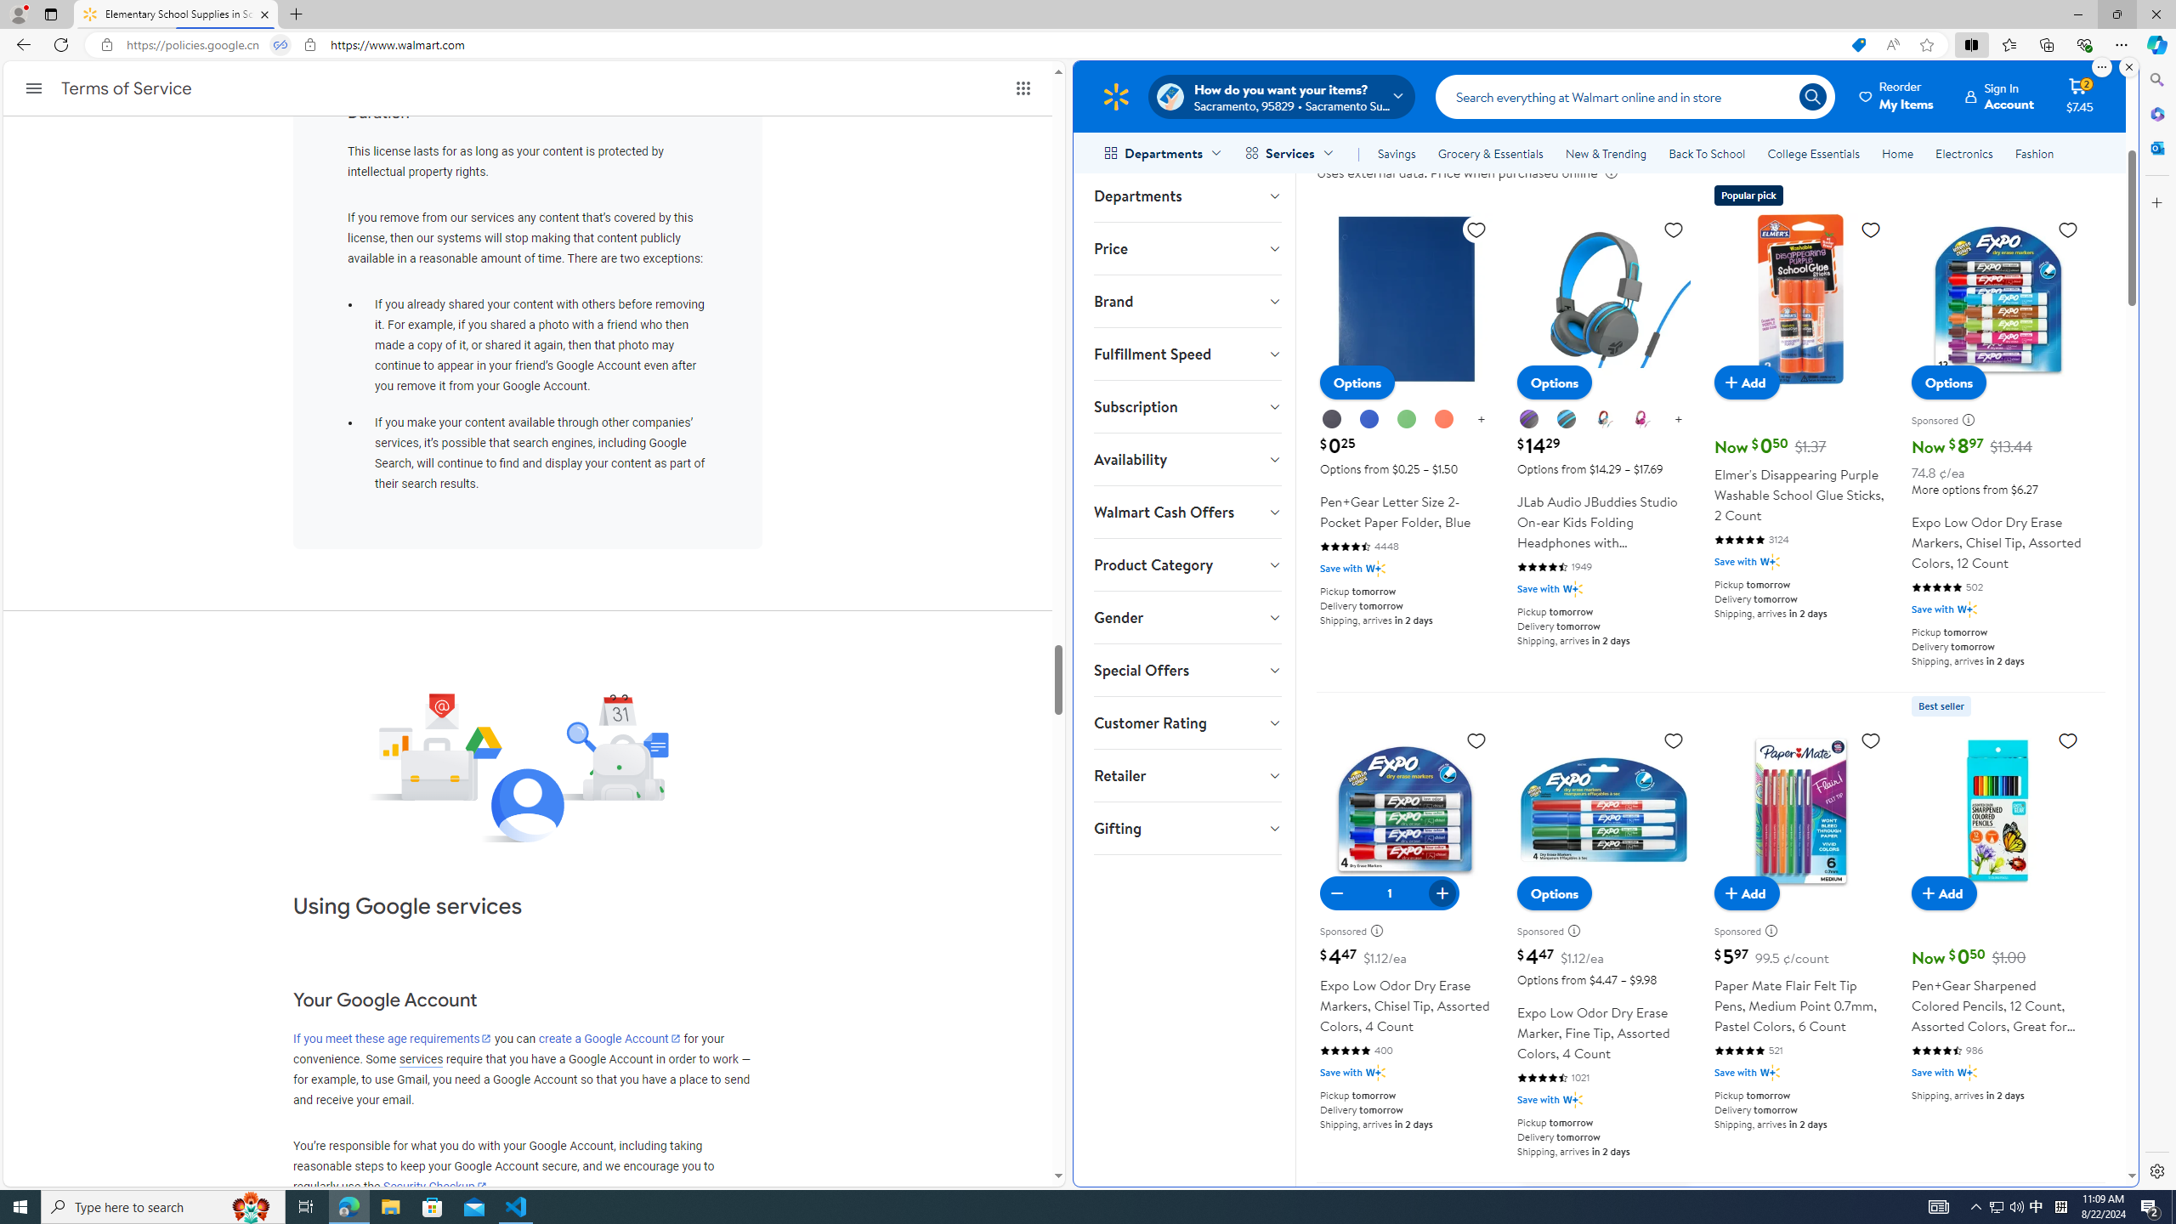 This screenshot has width=2176, height=1224. What do you see at coordinates (2155, 1170) in the screenshot?
I see `'Settings'` at bounding box center [2155, 1170].